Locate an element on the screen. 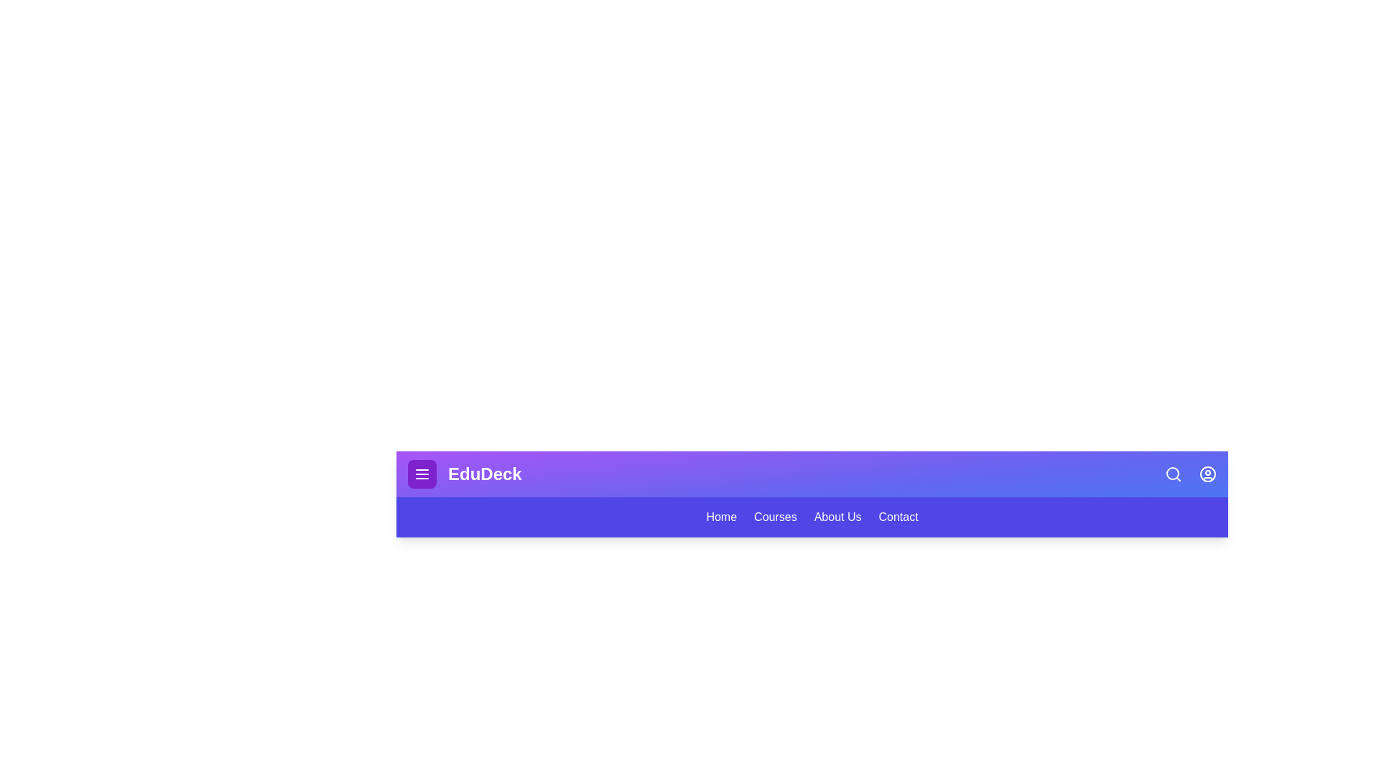 The width and height of the screenshot is (1379, 775). the menu item labeled Contact to navigate to the corresponding section is located at coordinates (898, 517).